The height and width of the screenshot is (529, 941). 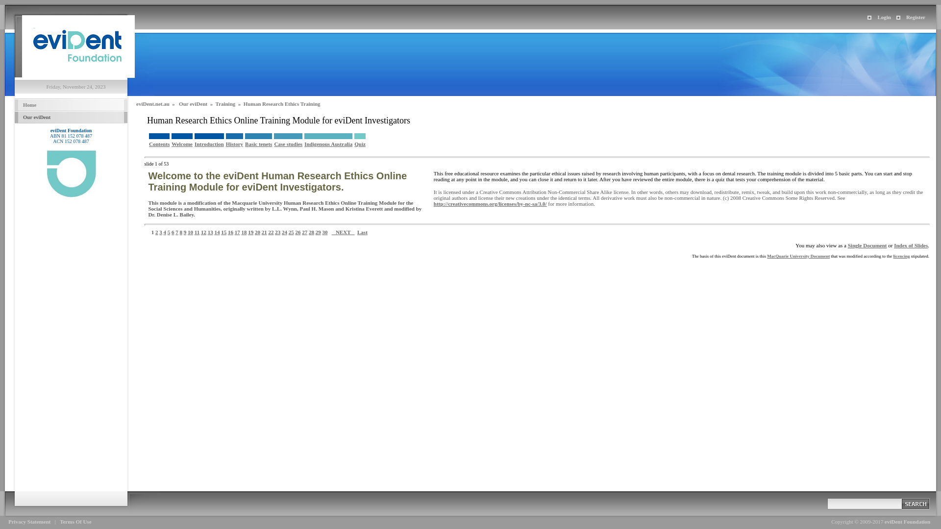 What do you see at coordinates (257, 232) in the screenshot?
I see `'20'` at bounding box center [257, 232].